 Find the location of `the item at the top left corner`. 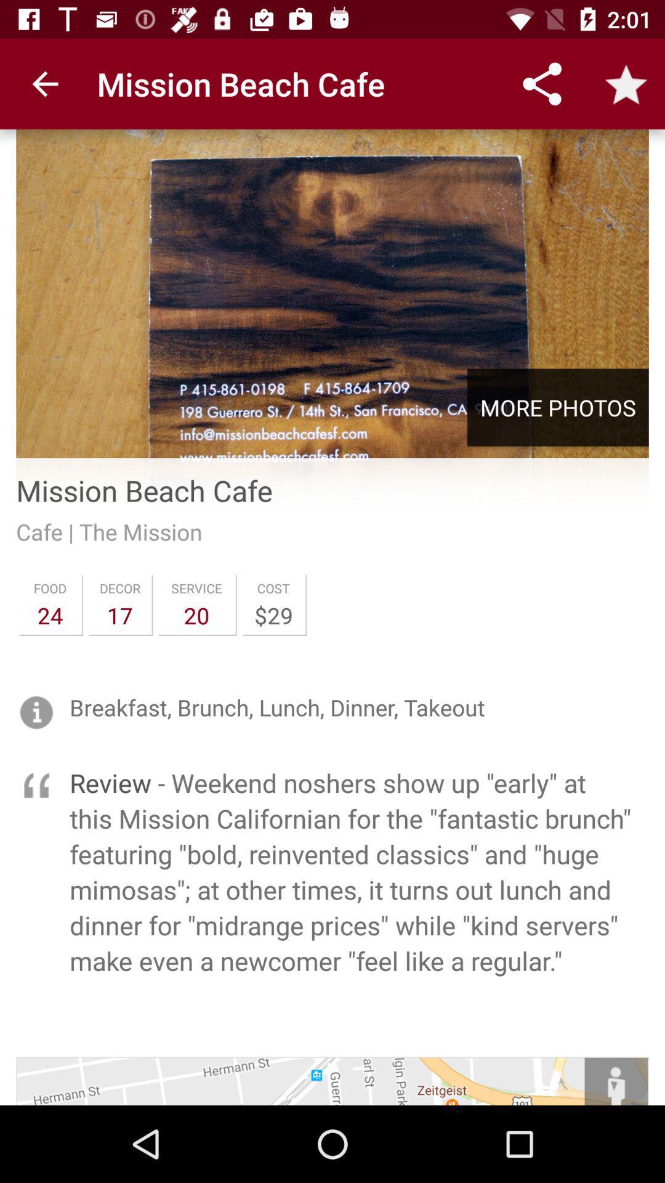

the item at the top left corner is located at coordinates (44, 83).